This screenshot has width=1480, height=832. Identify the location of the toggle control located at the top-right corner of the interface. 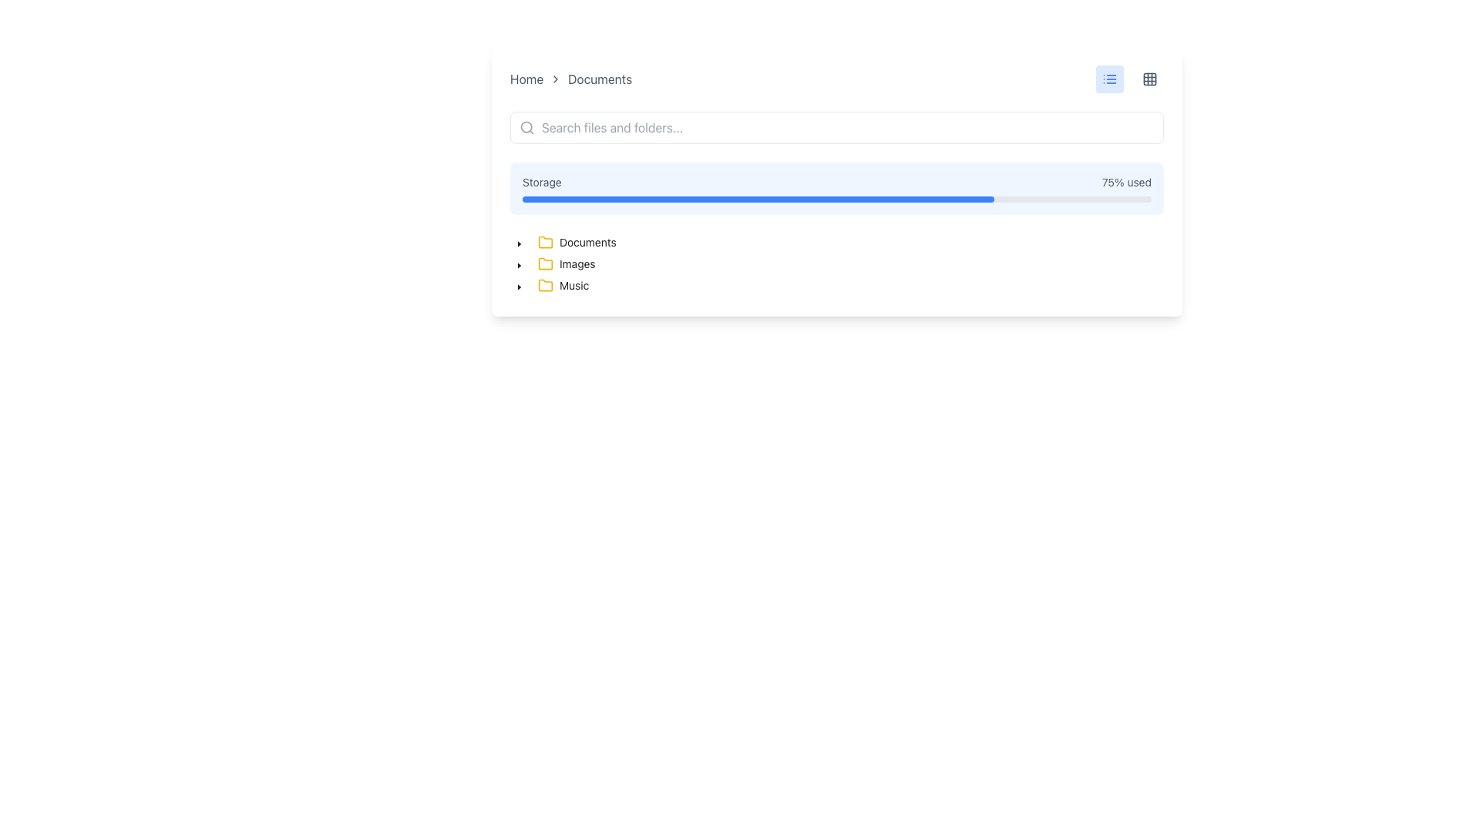
(1129, 79).